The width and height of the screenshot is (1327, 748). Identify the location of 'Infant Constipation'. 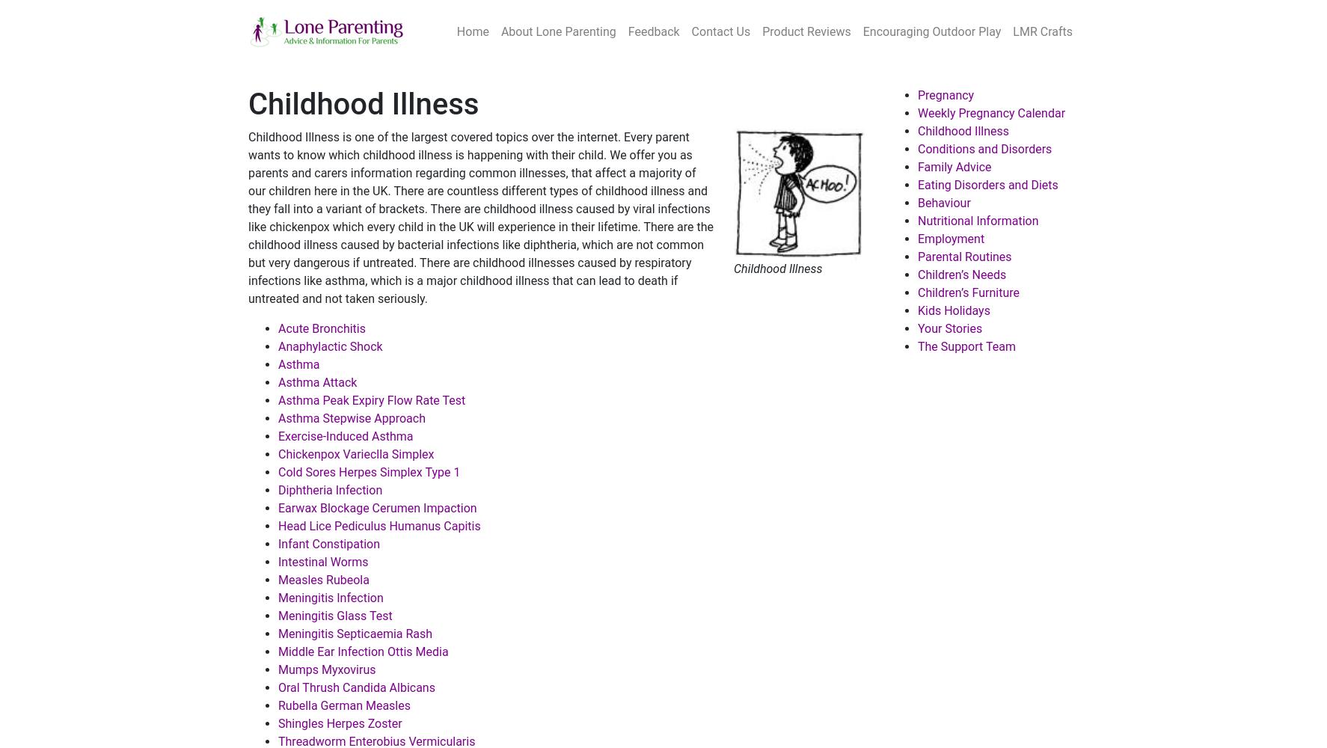
(278, 543).